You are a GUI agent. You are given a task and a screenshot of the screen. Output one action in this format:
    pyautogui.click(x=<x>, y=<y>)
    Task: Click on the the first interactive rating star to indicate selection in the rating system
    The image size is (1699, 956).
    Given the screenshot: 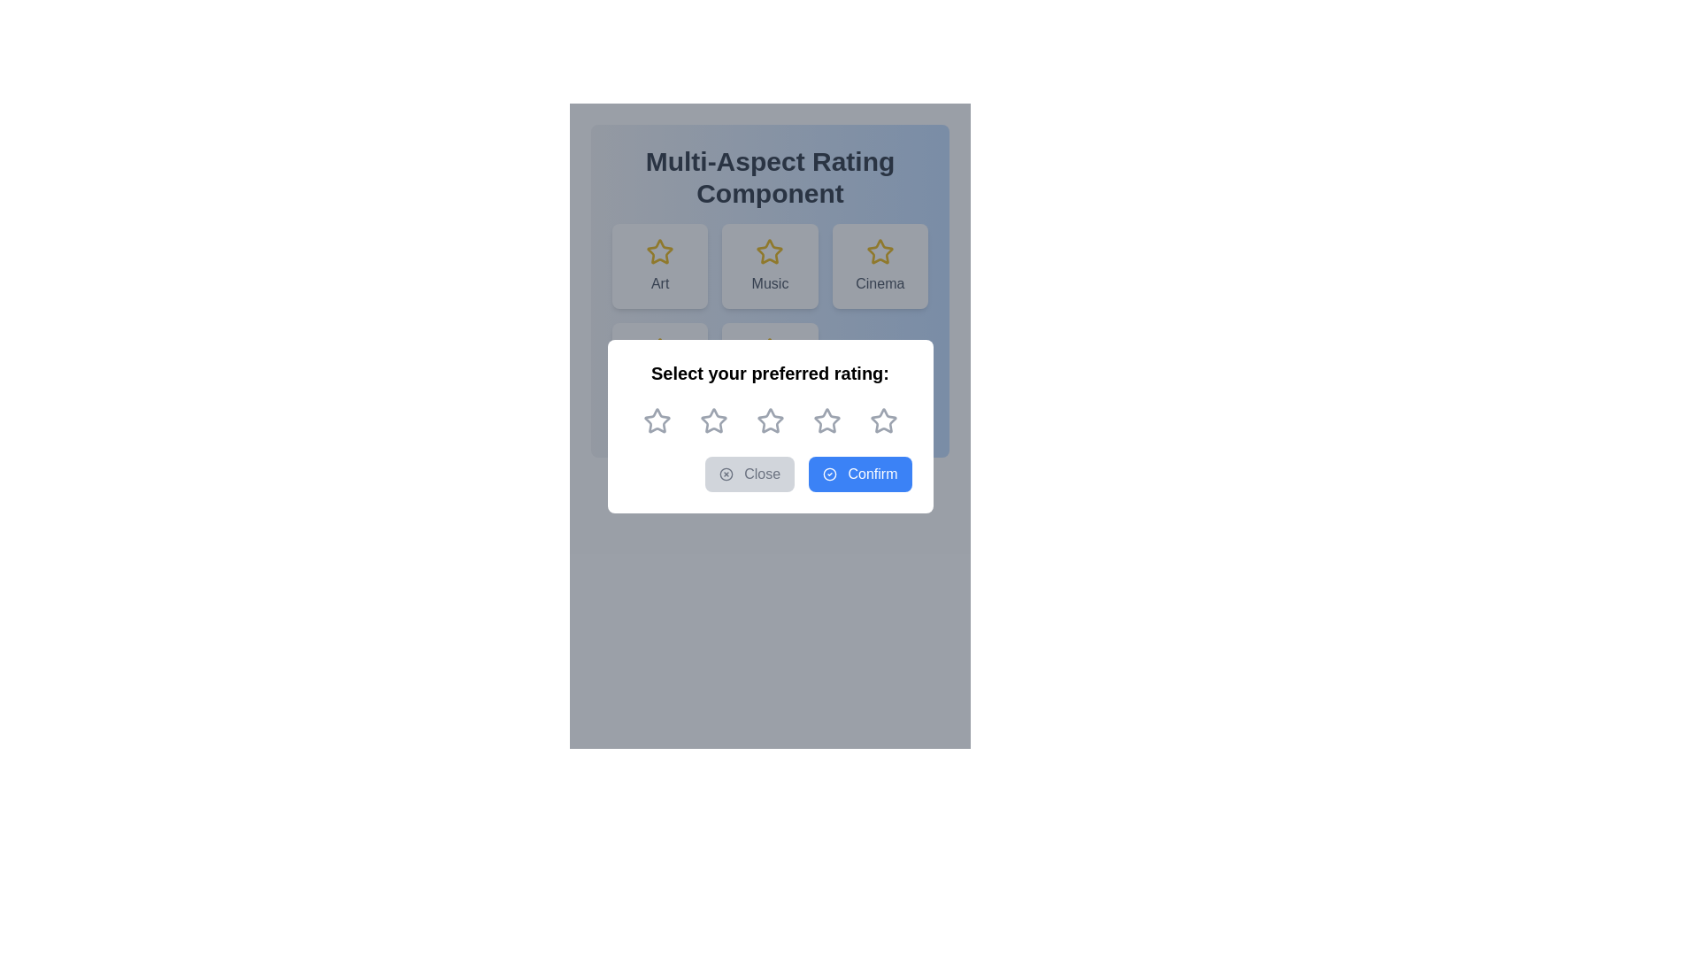 What is the action you would take?
    pyautogui.click(x=656, y=420)
    